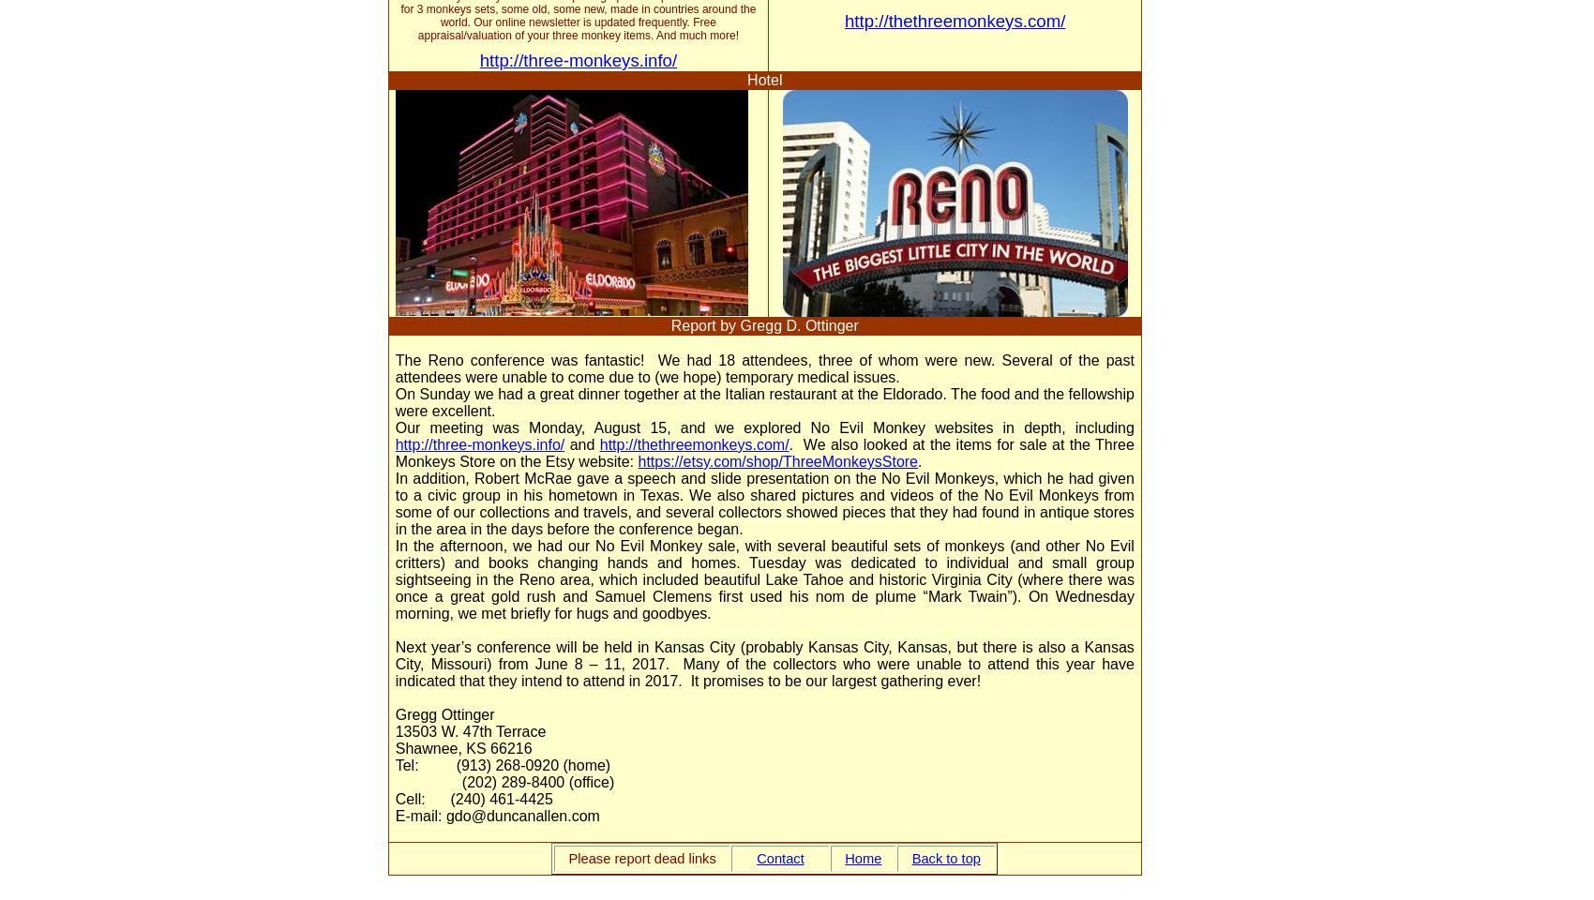  Describe the element at coordinates (762, 402) in the screenshot. I see `'On Sunday we had a great dinner
  together at the Italian restaurant at the Eldorado. The food and the
  fellowship were excellent.'` at that location.